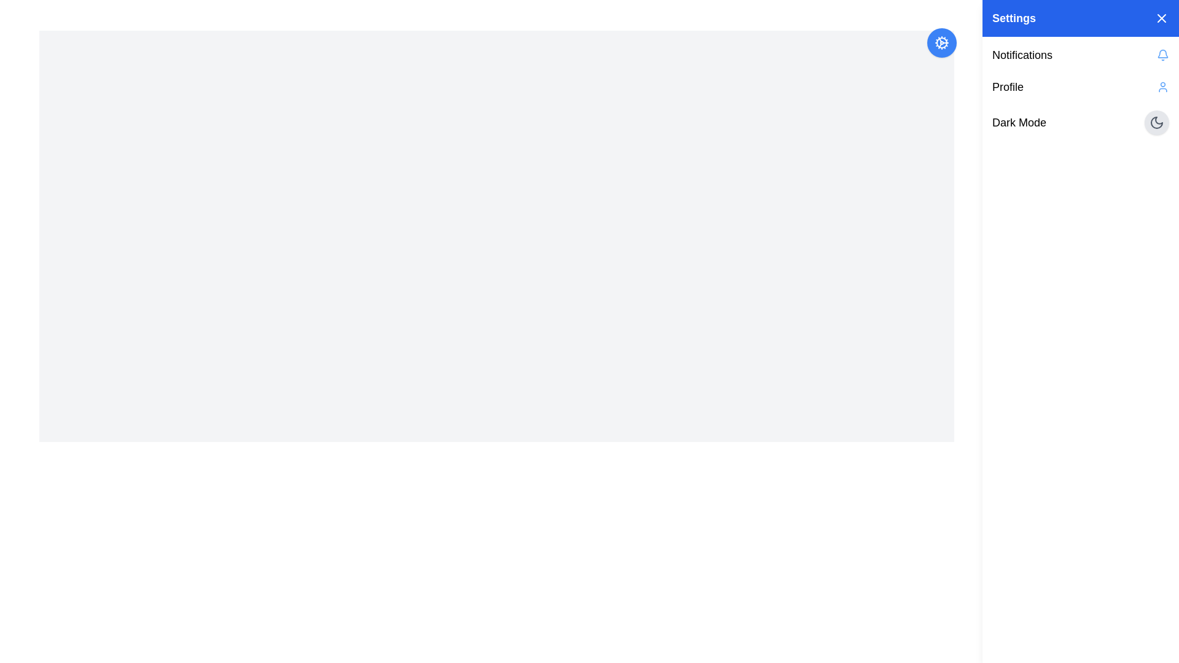 Image resolution: width=1179 pixels, height=663 pixels. Describe the element at coordinates (1008, 87) in the screenshot. I see `the 'Profile' text label, which is a bold, medium-sized black font element located in the right-side settings panel, underneath 'Notifications' and above 'Dark Mode'` at that location.